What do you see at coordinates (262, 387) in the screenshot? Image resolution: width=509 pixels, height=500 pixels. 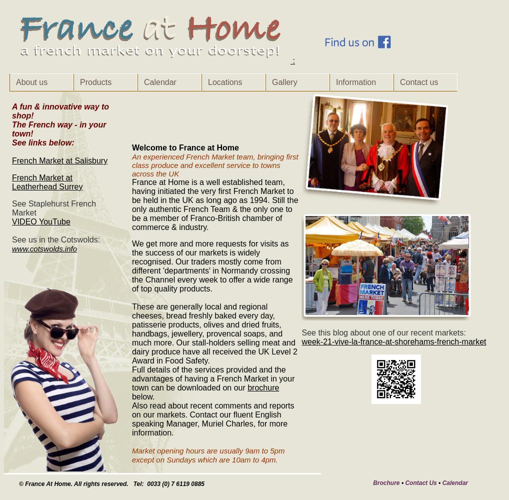 I see `'brochure'` at bounding box center [262, 387].